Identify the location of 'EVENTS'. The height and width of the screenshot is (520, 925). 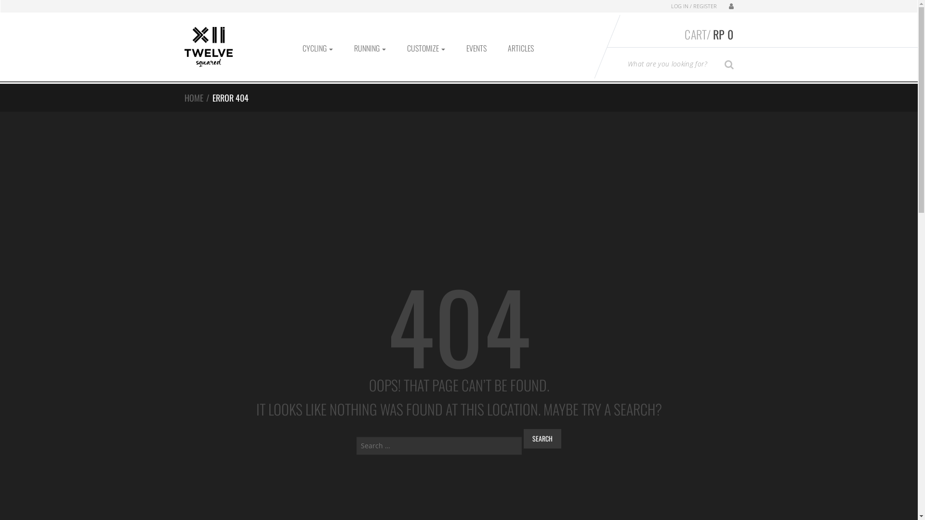
(455, 48).